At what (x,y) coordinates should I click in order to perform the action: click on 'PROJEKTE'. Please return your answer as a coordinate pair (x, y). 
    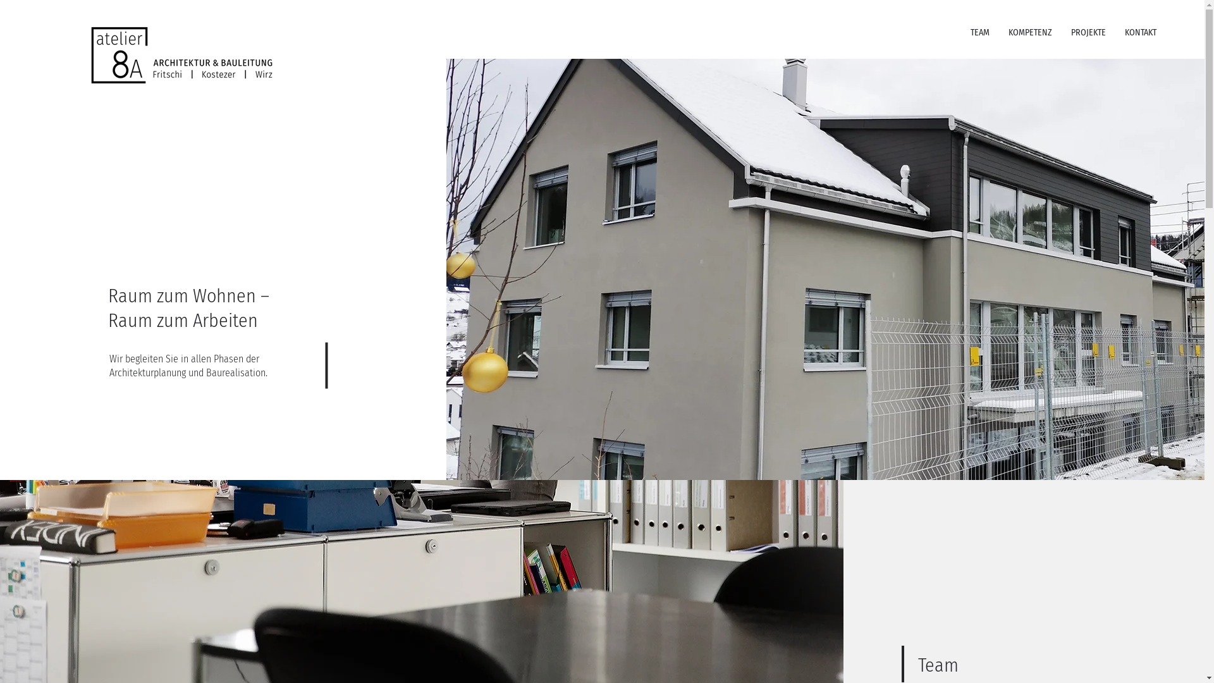
    Looking at the image, I should click on (1088, 32).